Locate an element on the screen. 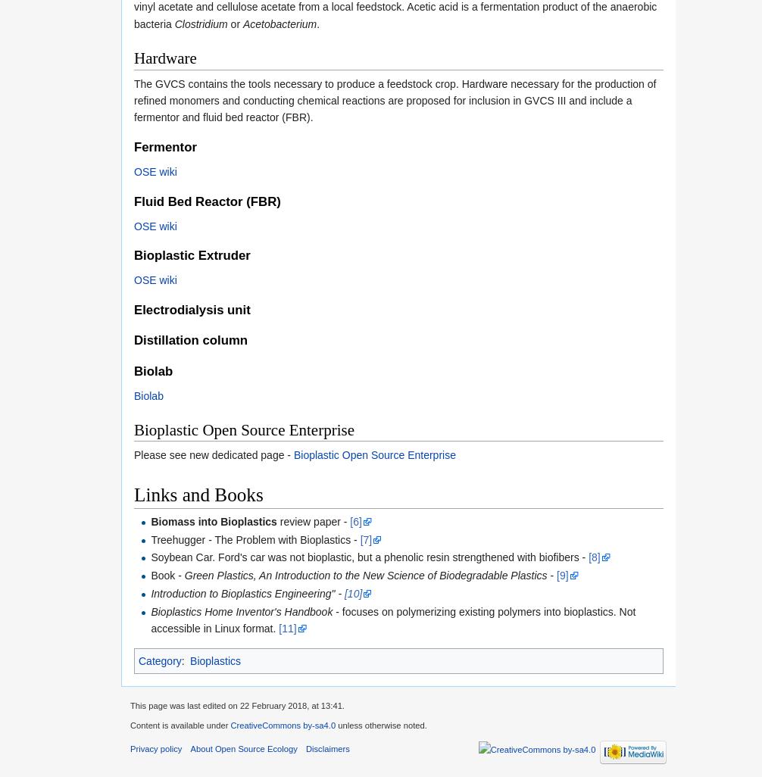 The width and height of the screenshot is (762, 777). '[8]' is located at coordinates (588, 557).